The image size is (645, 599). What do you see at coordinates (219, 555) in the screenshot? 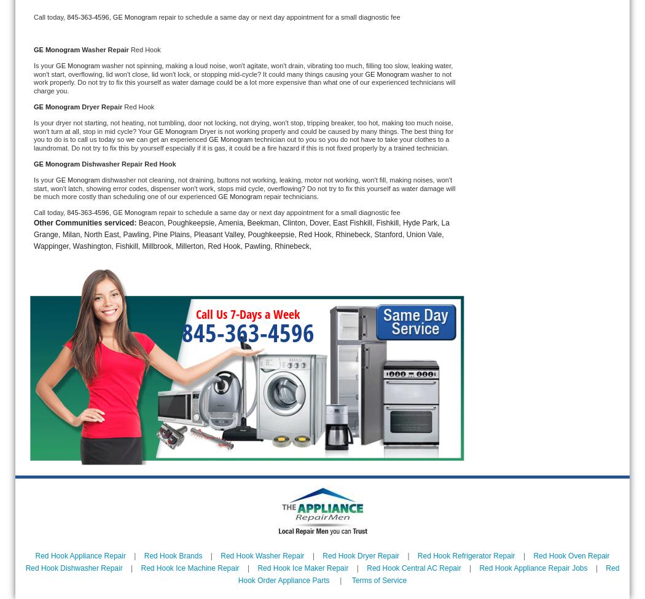
I see `'Red Hook Washer Repair'` at bounding box center [219, 555].